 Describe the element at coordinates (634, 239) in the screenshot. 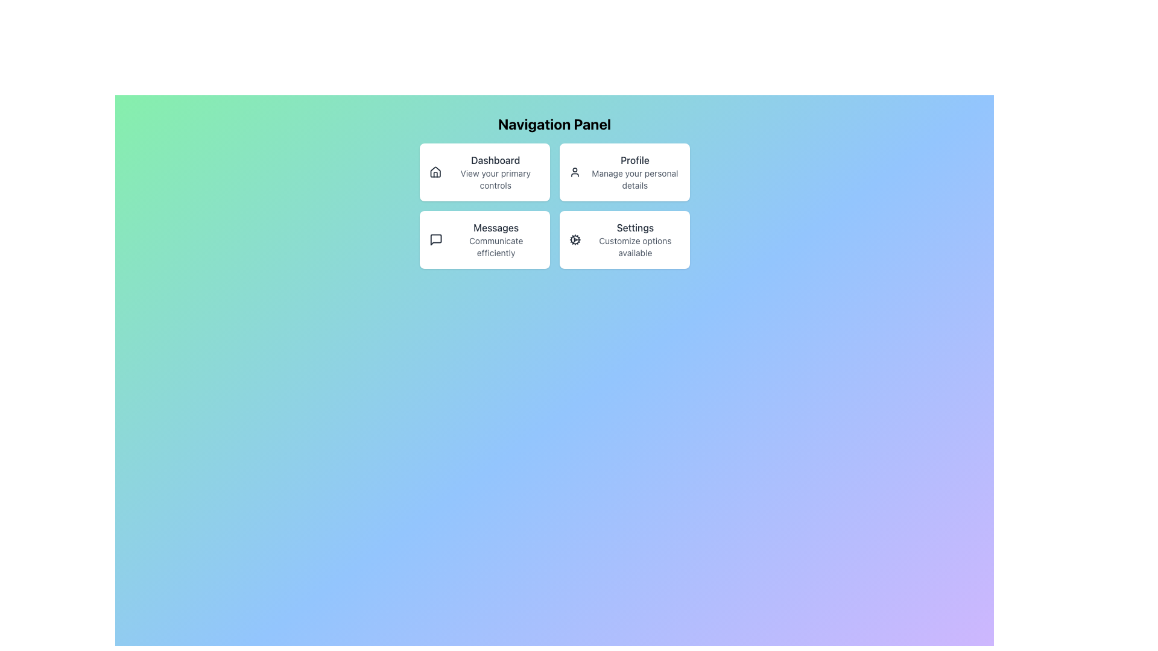

I see `the interactive text label in the fourth card that links to the settings page, which is preceded by a gear icon` at that location.